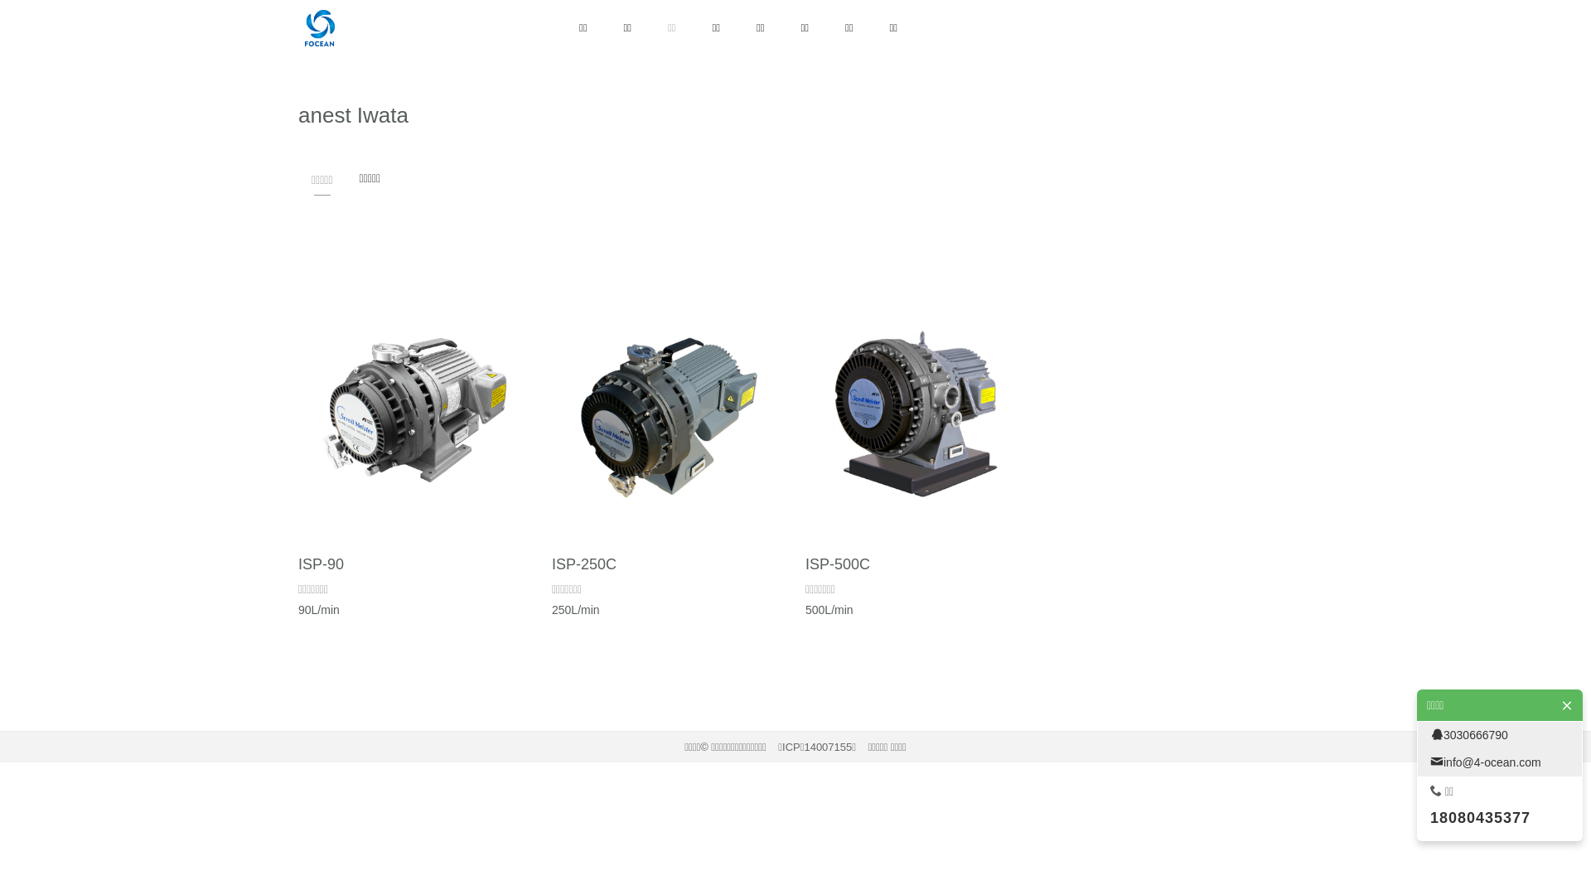 The image size is (1591, 895). I want to click on '18080435377', so click(1429, 817).